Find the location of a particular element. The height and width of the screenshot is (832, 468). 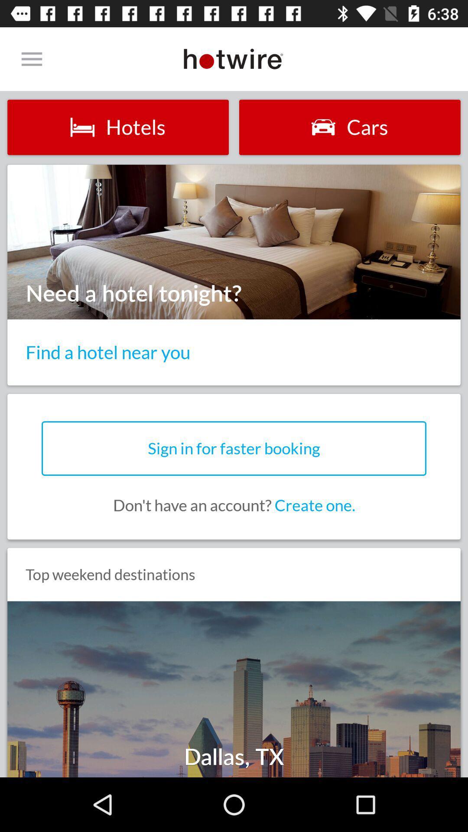

the icon above the top weekend destinations is located at coordinates (234, 505).